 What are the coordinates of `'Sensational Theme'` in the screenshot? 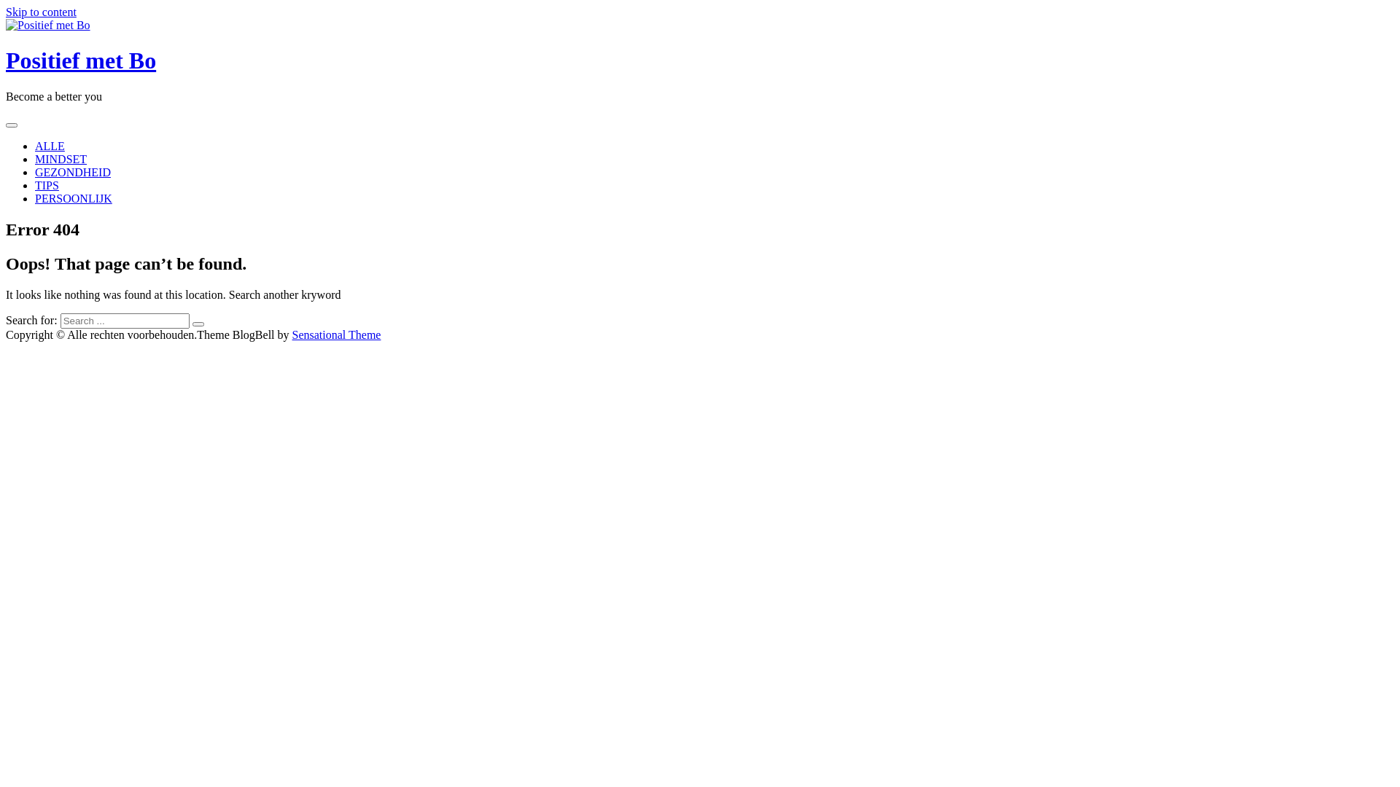 It's located at (292, 334).